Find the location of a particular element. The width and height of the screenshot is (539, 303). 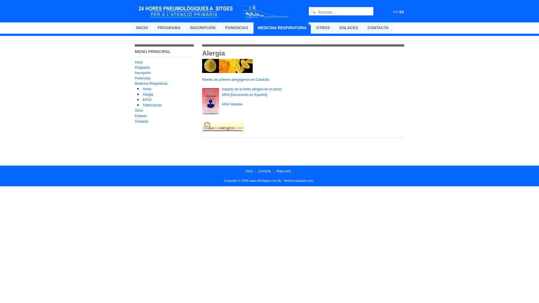

'24hsitges.com' is located at coordinates (213, 15).